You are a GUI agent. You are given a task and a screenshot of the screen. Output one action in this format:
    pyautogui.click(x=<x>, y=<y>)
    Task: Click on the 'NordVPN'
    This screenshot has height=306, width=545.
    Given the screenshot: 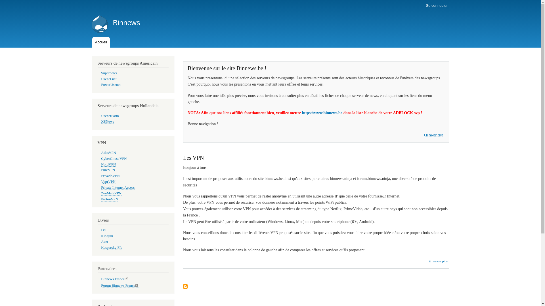 What is the action you would take?
    pyautogui.click(x=101, y=164)
    